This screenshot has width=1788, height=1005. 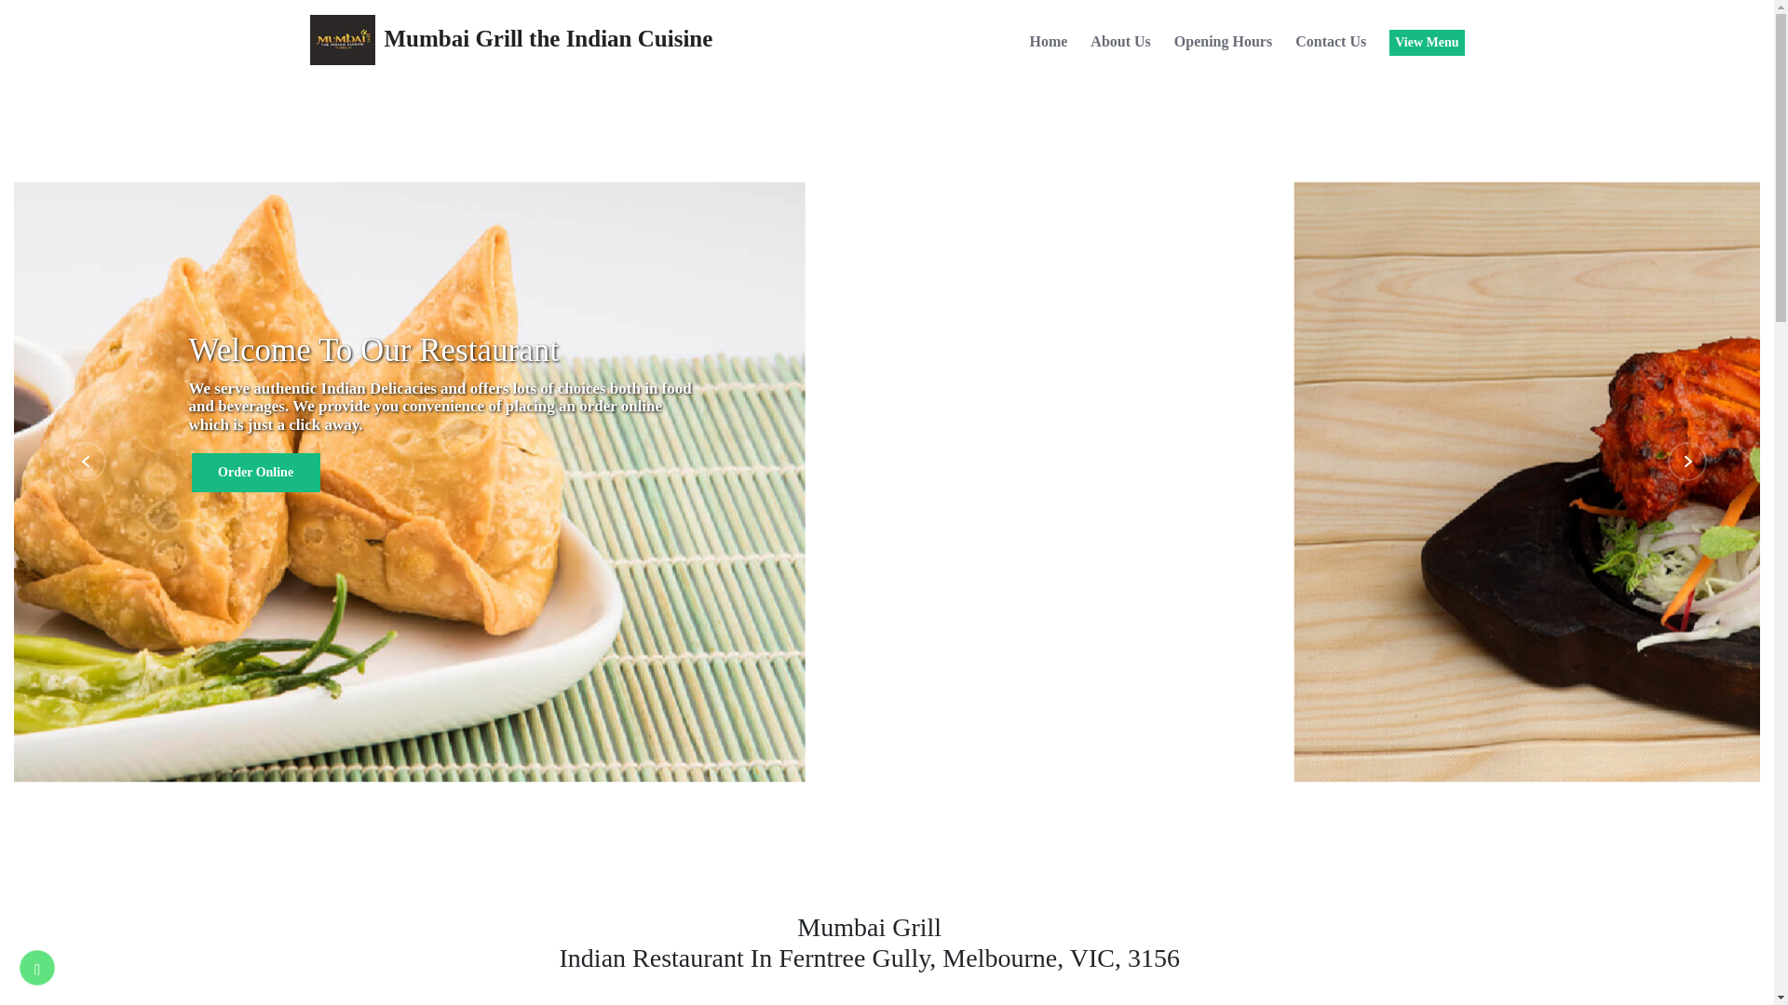 What do you see at coordinates (1048, 43) in the screenshot?
I see `'Home'` at bounding box center [1048, 43].